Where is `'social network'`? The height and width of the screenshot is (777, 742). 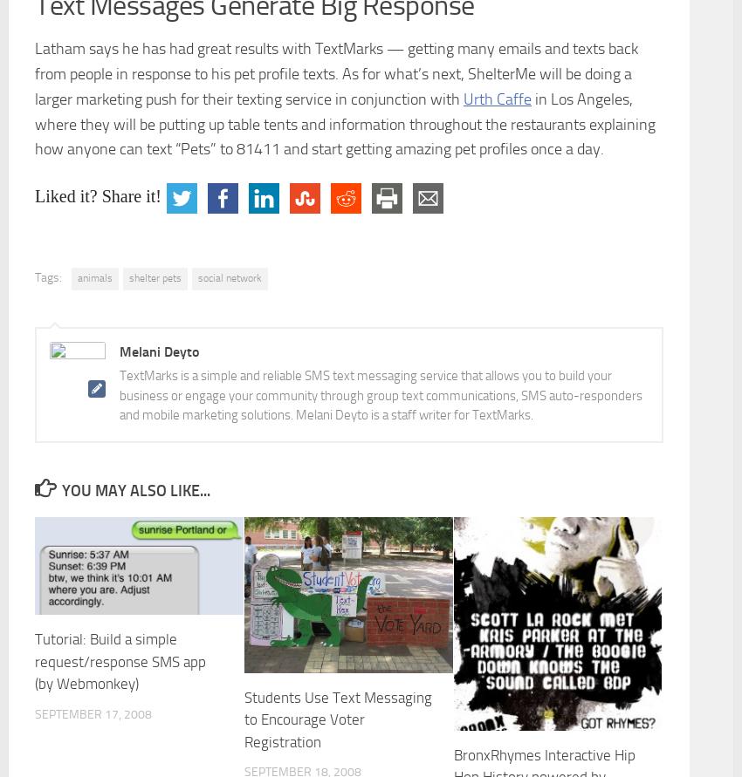 'social network' is located at coordinates (229, 276).